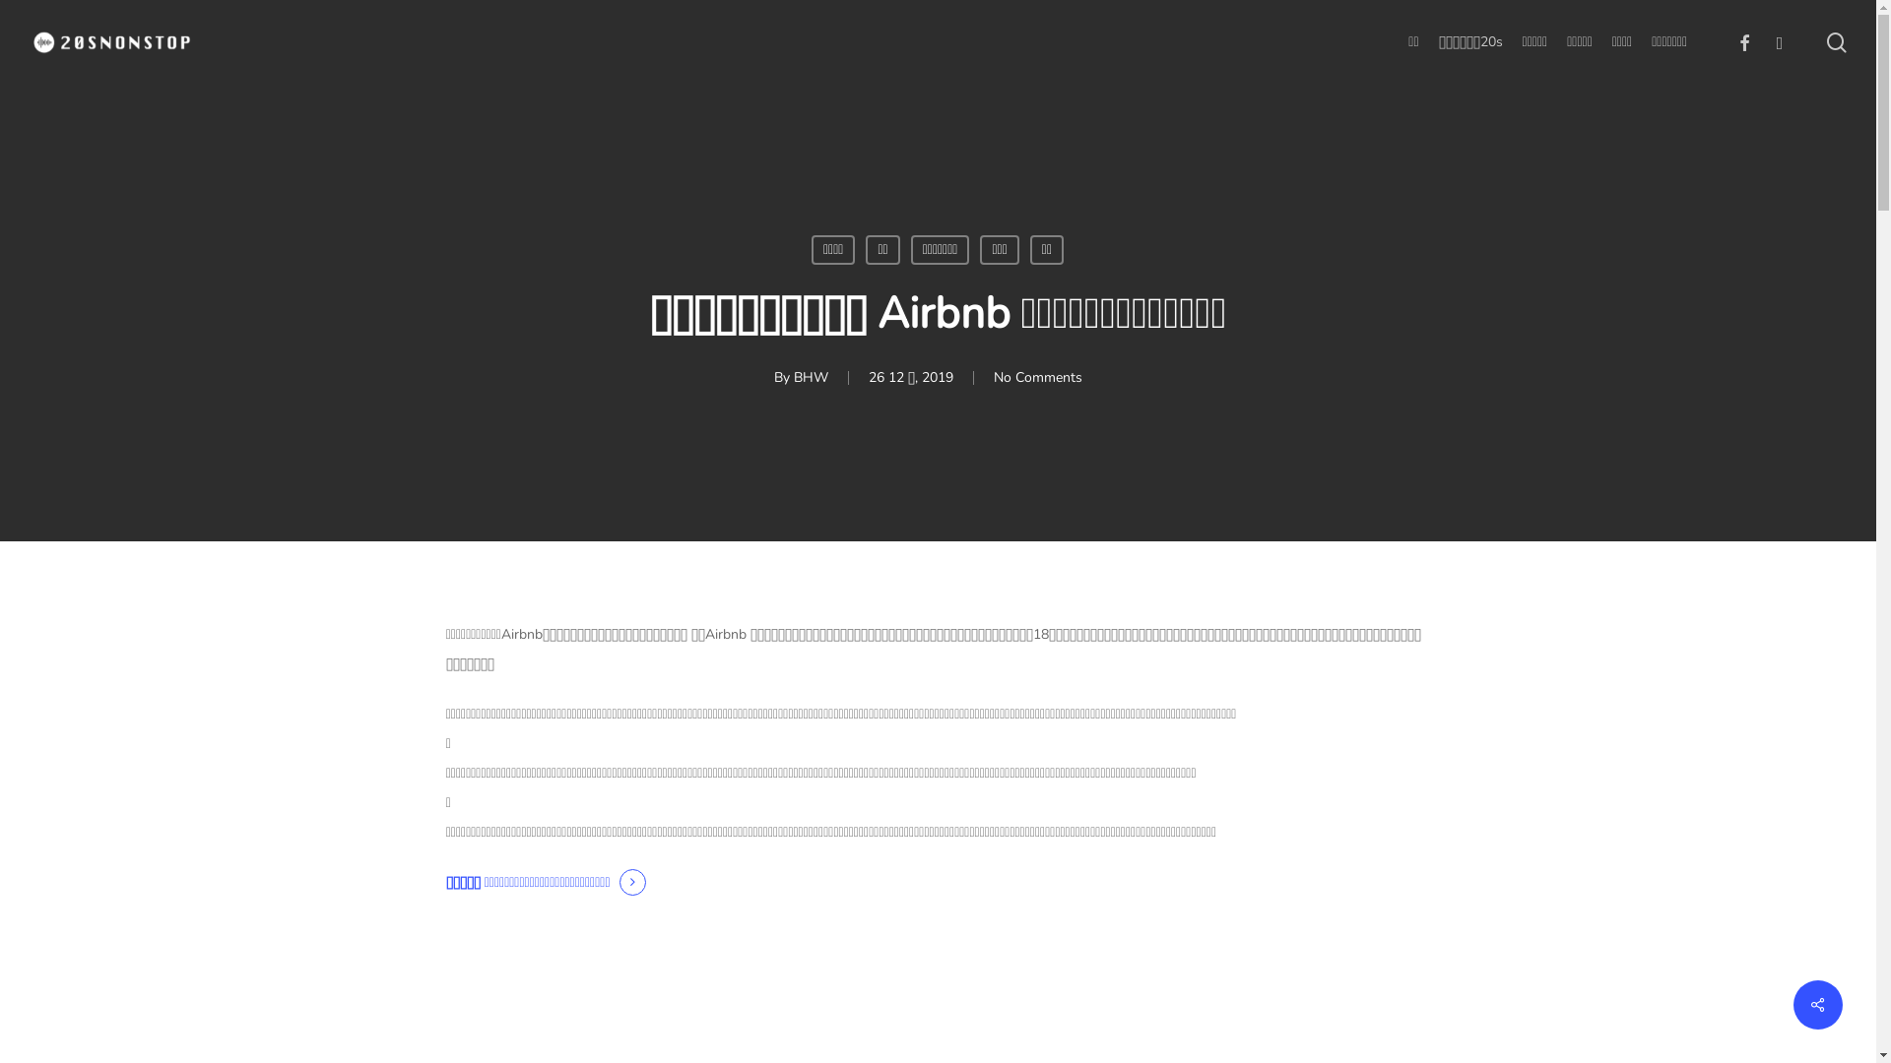 This screenshot has height=1063, width=1891. I want to click on 'facebook', so click(1744, 42).